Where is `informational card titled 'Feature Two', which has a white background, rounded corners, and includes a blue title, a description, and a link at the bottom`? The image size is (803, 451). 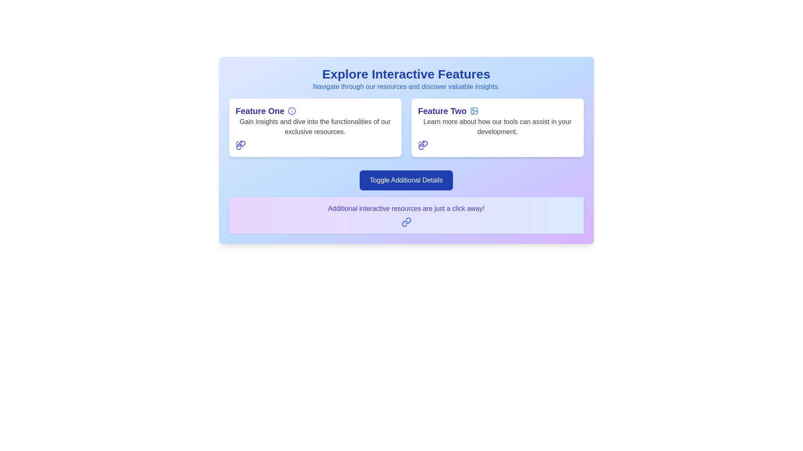 informational card titled 'Feature Two', which has a white background, rounded corners, and includes a blue title, a description, and a link at the bottom is located at coordinates (497, 127).